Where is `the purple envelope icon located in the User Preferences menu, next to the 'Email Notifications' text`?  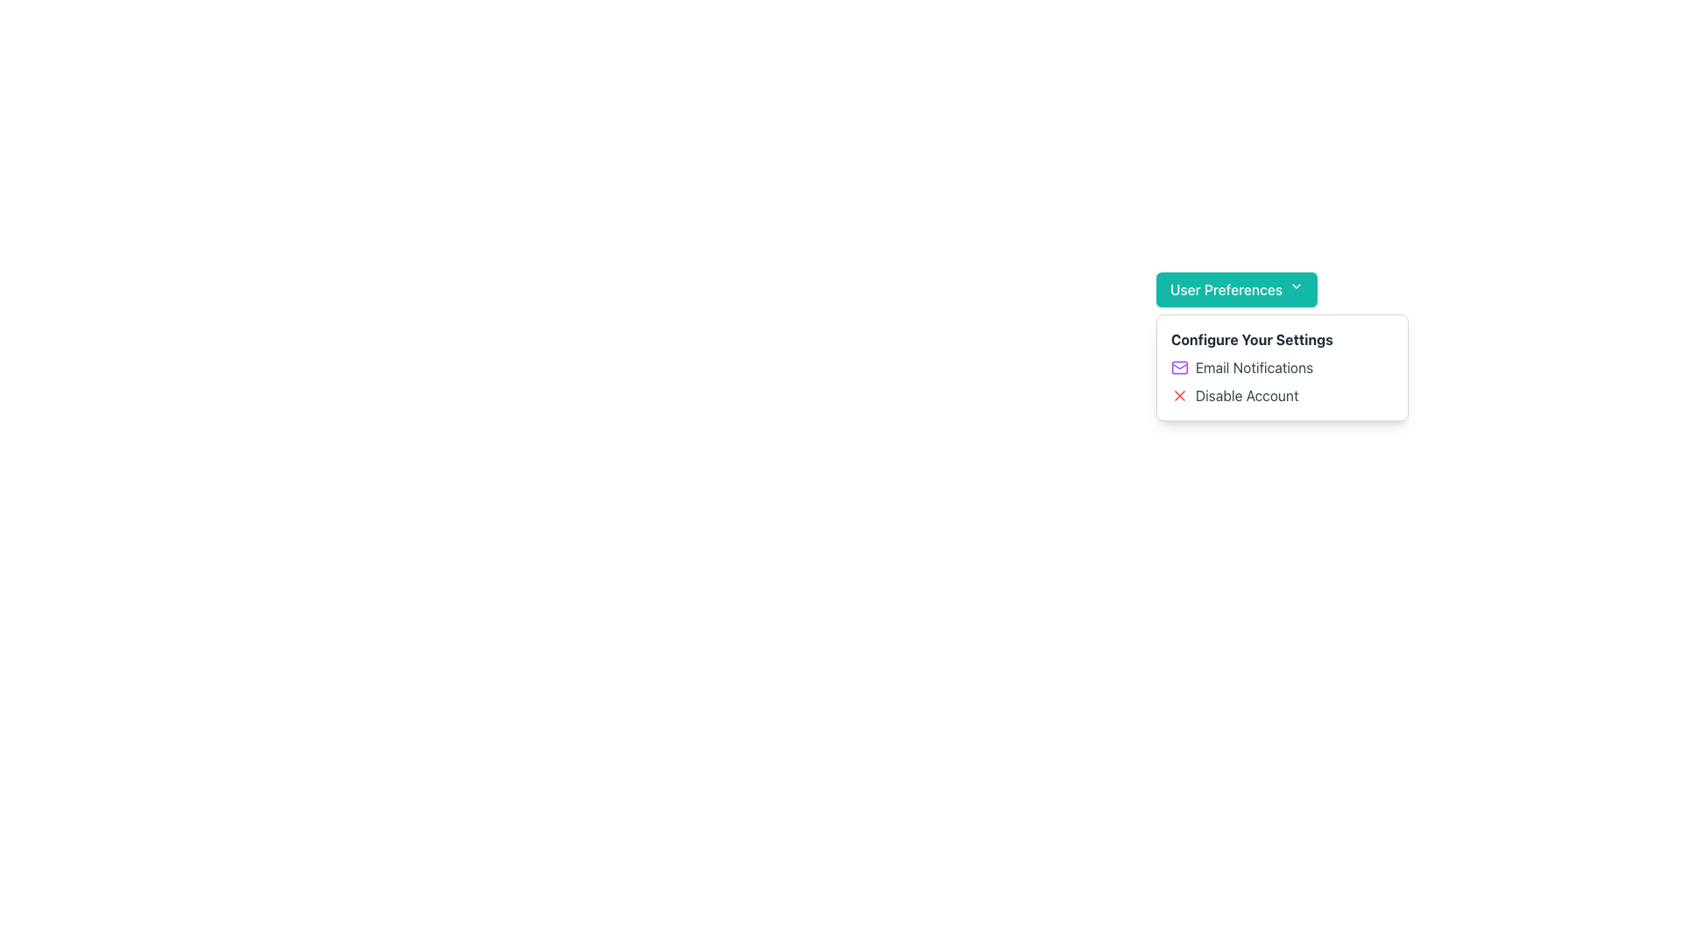
the purple envelope icon located in the User Preferences menu, next to the 'Email Notifications' text is located at coordinates (1179, 365).